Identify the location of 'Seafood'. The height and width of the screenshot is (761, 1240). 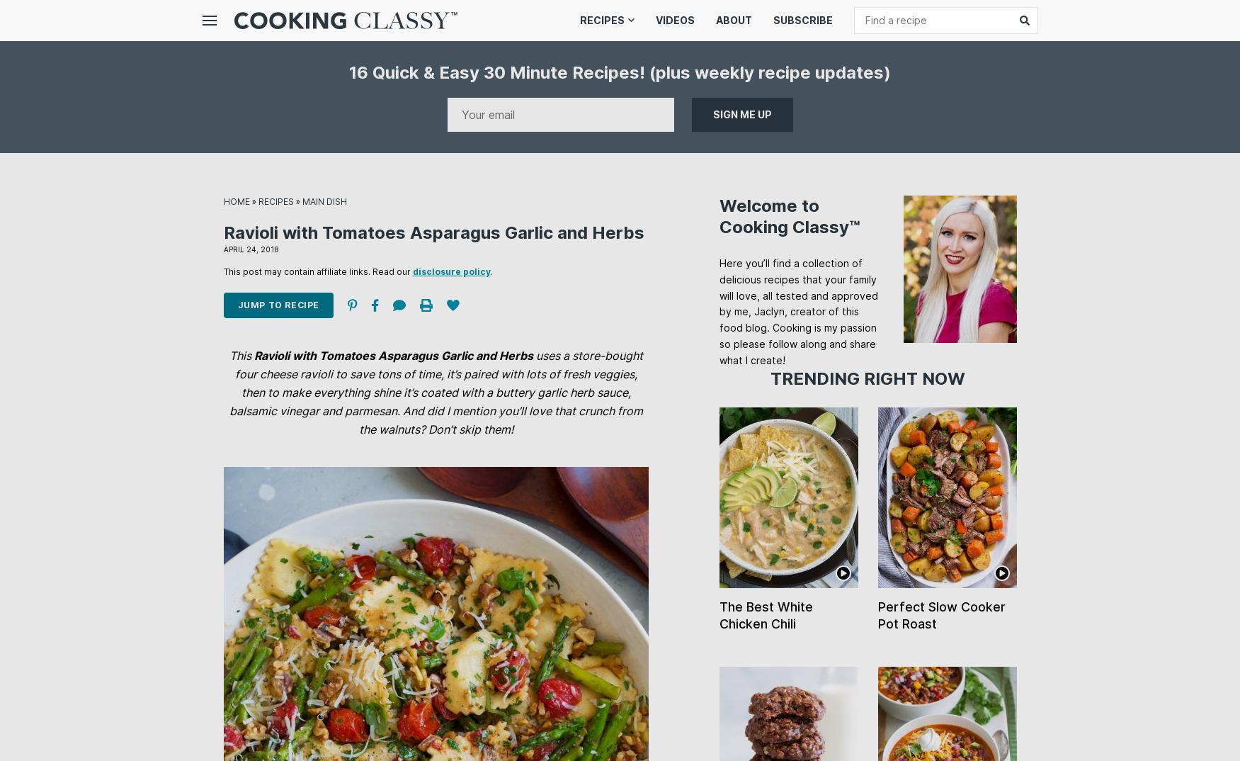
(604, 233).